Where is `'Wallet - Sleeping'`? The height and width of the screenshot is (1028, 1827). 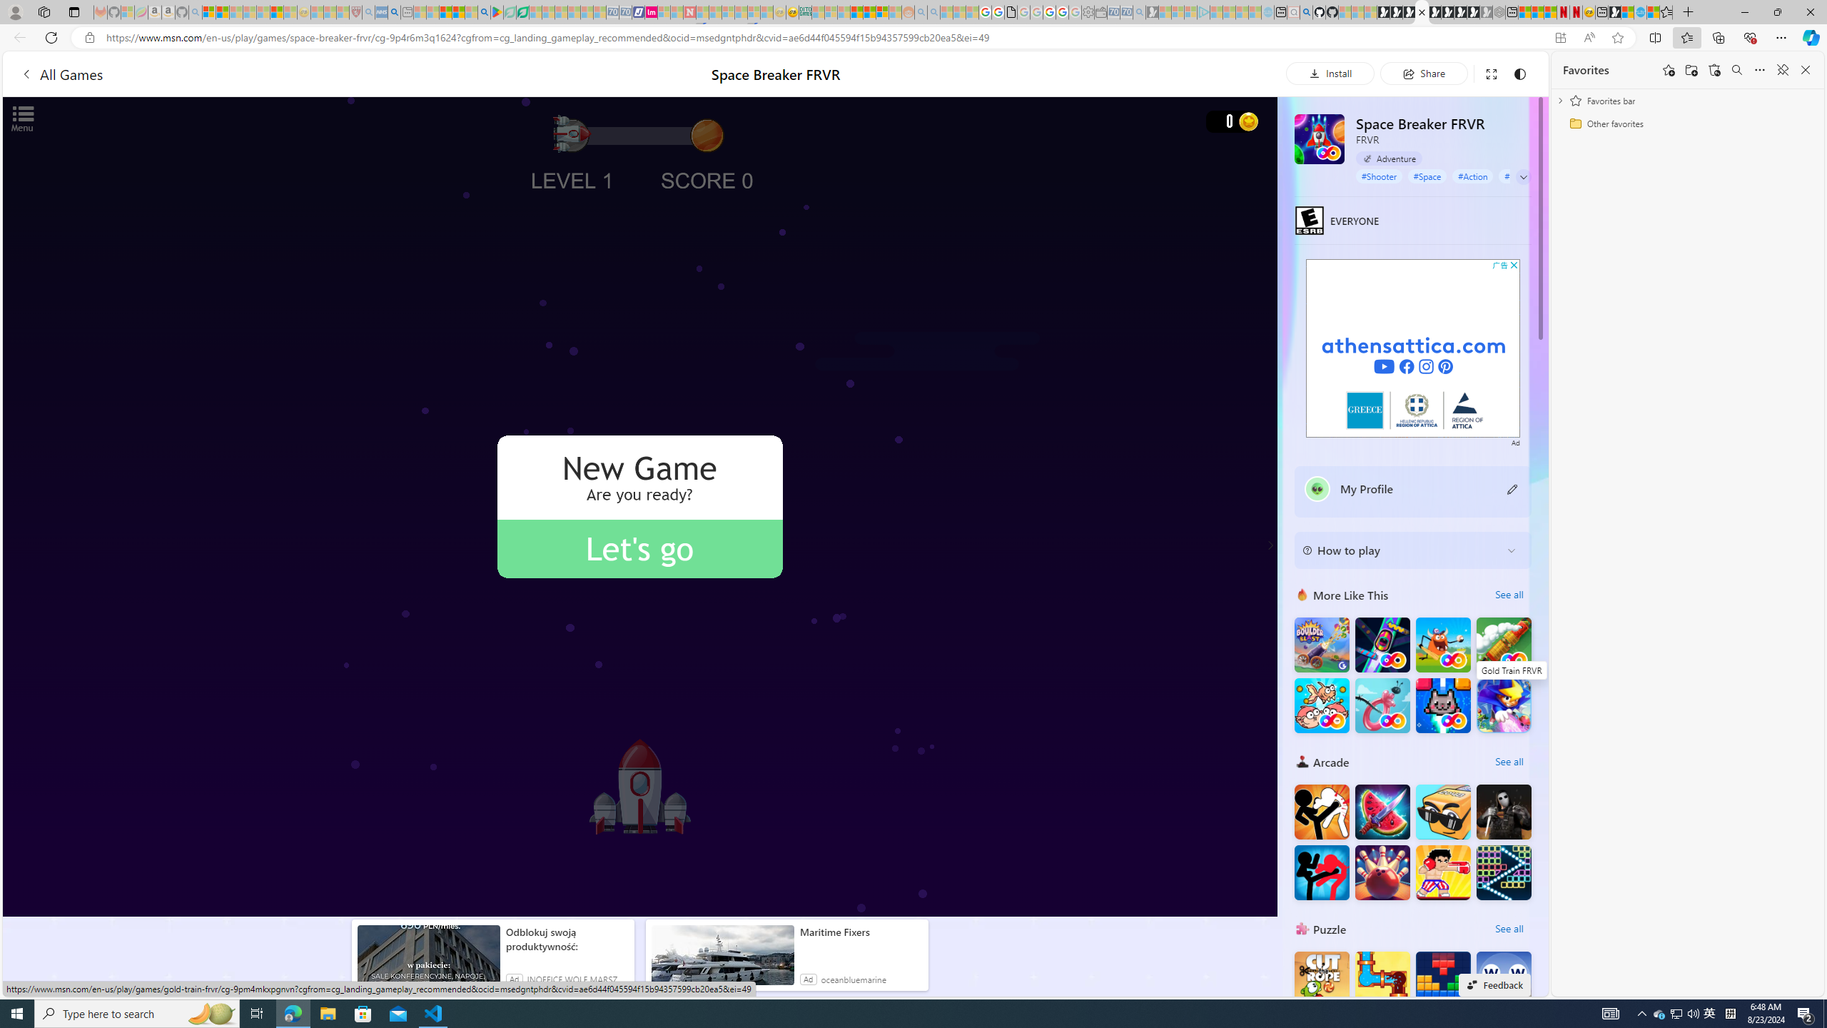
'Wallet - Sleeping' is located at coordinates (1100, 11).